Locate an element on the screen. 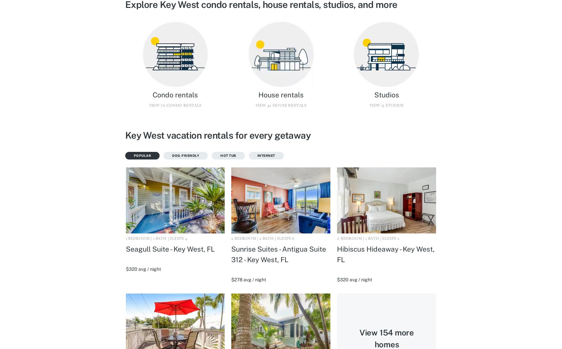  '1 Bedroom | 1 Bath | Sleeps 4' is located at coordinates (156, 238).